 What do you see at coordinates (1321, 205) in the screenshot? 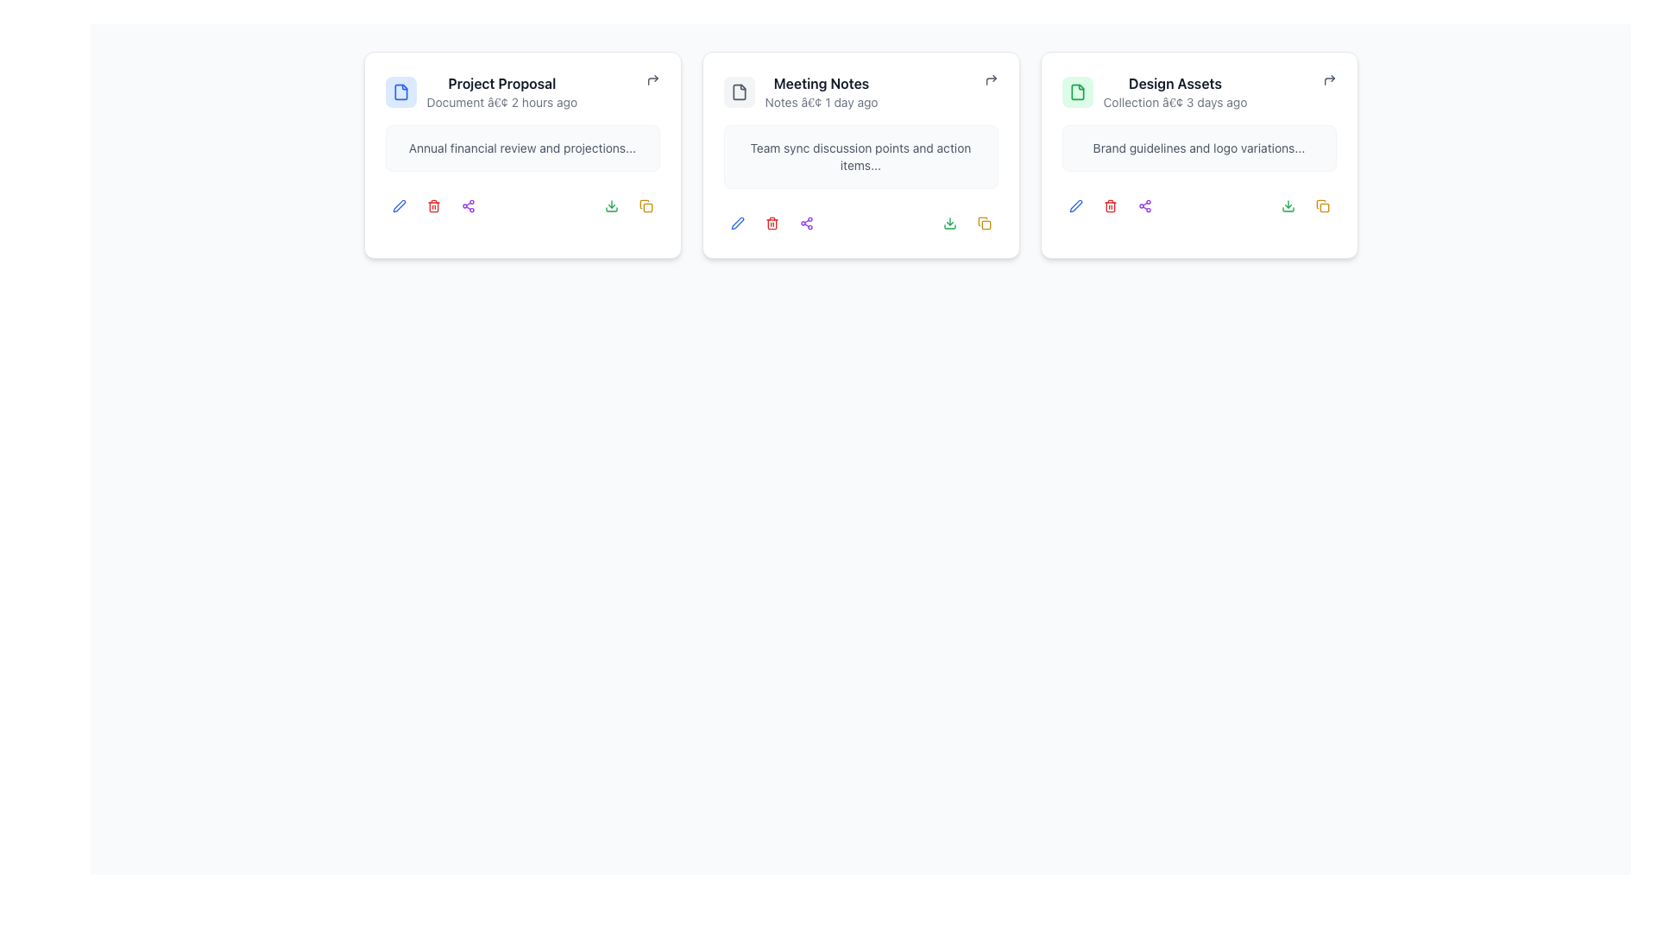
I see `the yellow button with a copy icon located at the bottom right corner of the 'Design Assets' card` at bounding box center [1321, 205].